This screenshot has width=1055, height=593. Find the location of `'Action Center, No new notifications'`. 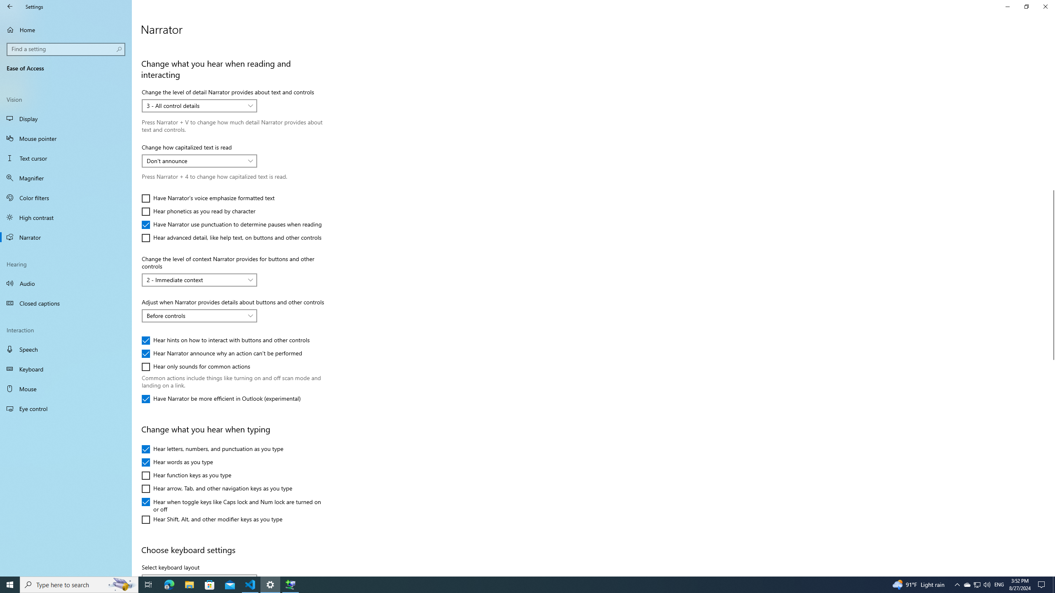

'Action Center, No new notifications' is located at coordinates (1043, 584).